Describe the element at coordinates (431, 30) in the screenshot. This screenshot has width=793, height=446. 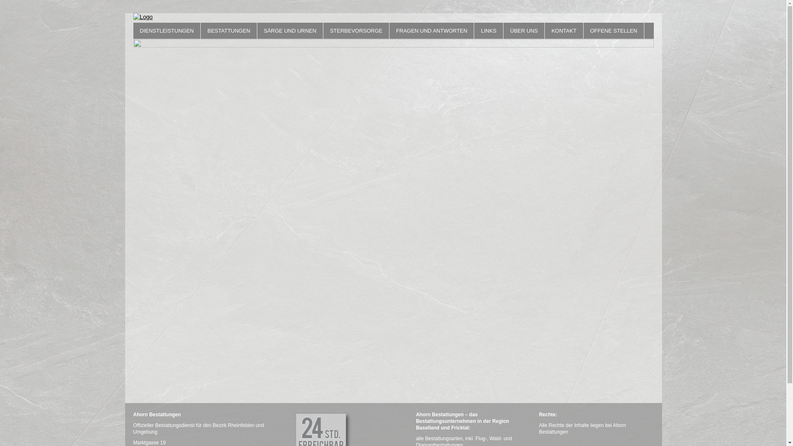
I see `'FRAGEN UND ANTWORTEN'` at that location.